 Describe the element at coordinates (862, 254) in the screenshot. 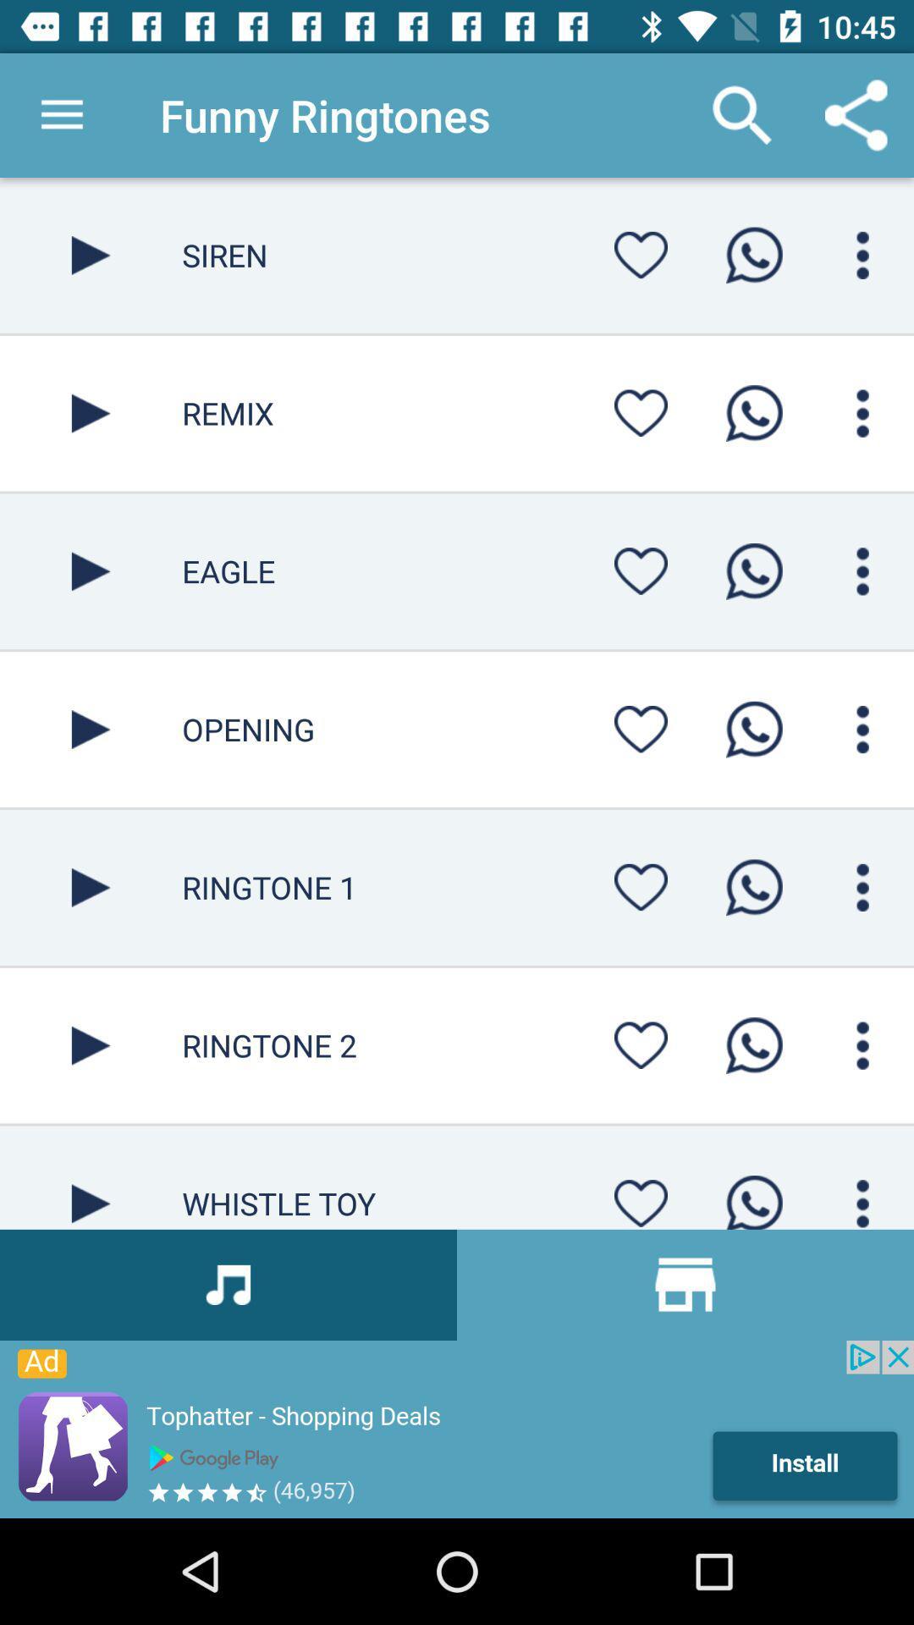

I see `mune button` at that location.